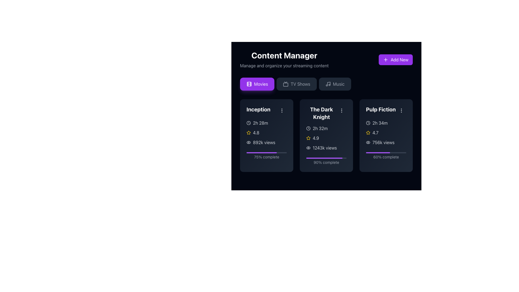 The image size is (519, 292). What do you see at coordinates (257, 84) in the screenshot?
I see `the 'Movies' navigation button located at the top left of the primary content area` at bounding box center [257, 84].